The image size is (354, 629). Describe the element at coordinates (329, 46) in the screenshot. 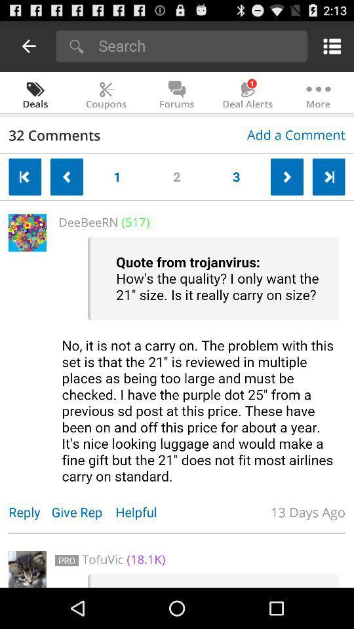

I see `submenu` at that location.